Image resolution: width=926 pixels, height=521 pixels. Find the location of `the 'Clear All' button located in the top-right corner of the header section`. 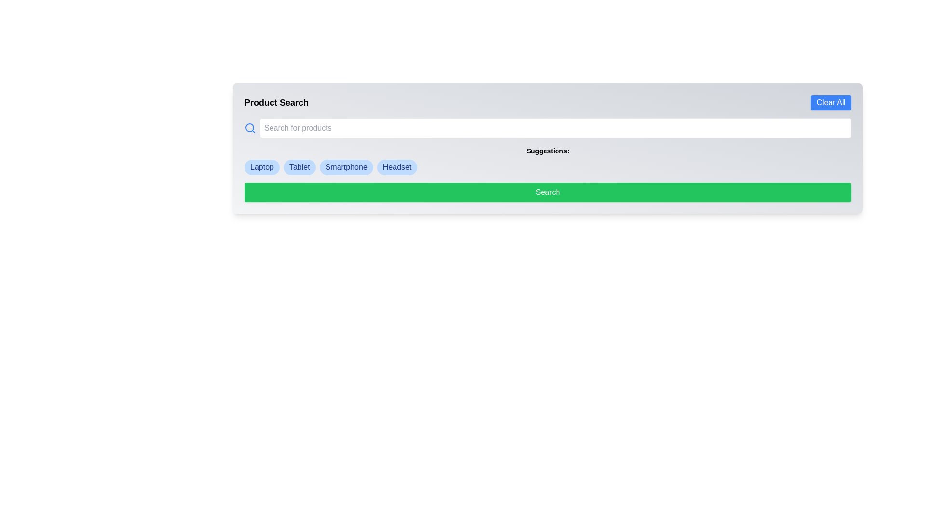

the 'Clear All' button located in the top-right corner of the header section is located at coordinates (831, 102).